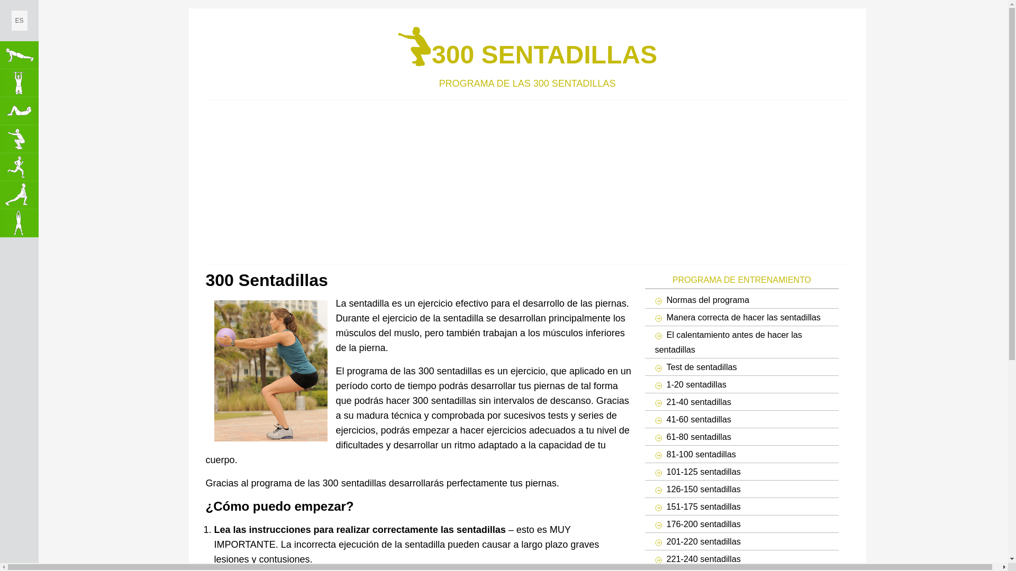  I want to click on 'ES', so click(12, 20).